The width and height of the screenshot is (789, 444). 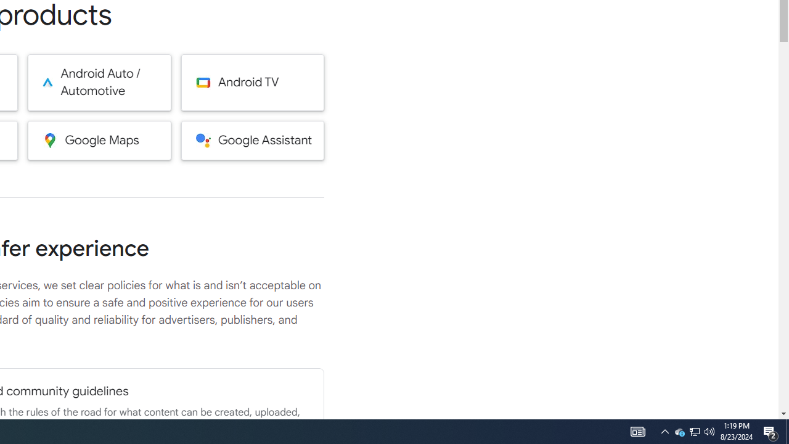 What do you see at coordinates (252, 82) in the screenshot?
I see `'Android TV'` at bounding box center [252, 82].